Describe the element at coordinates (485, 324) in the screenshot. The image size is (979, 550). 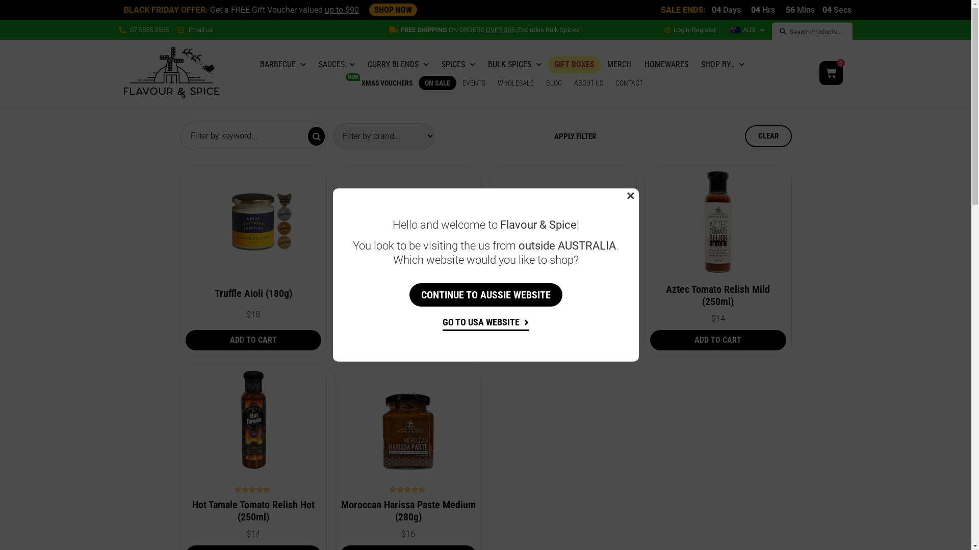
I see `'GO TO USA WEBSITE'` at that location.